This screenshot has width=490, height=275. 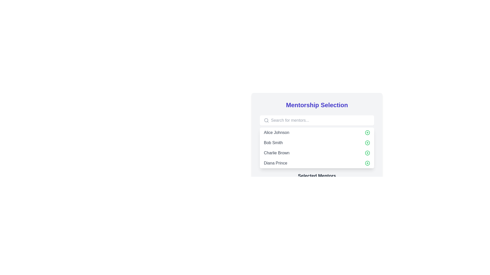 I want to click on the SVG Circle icon with a green border that resembles a '+' symbol, located to the right of 'Diana Prince' in the 'Mentorship Selection' panel, so click(x=367, y=163).